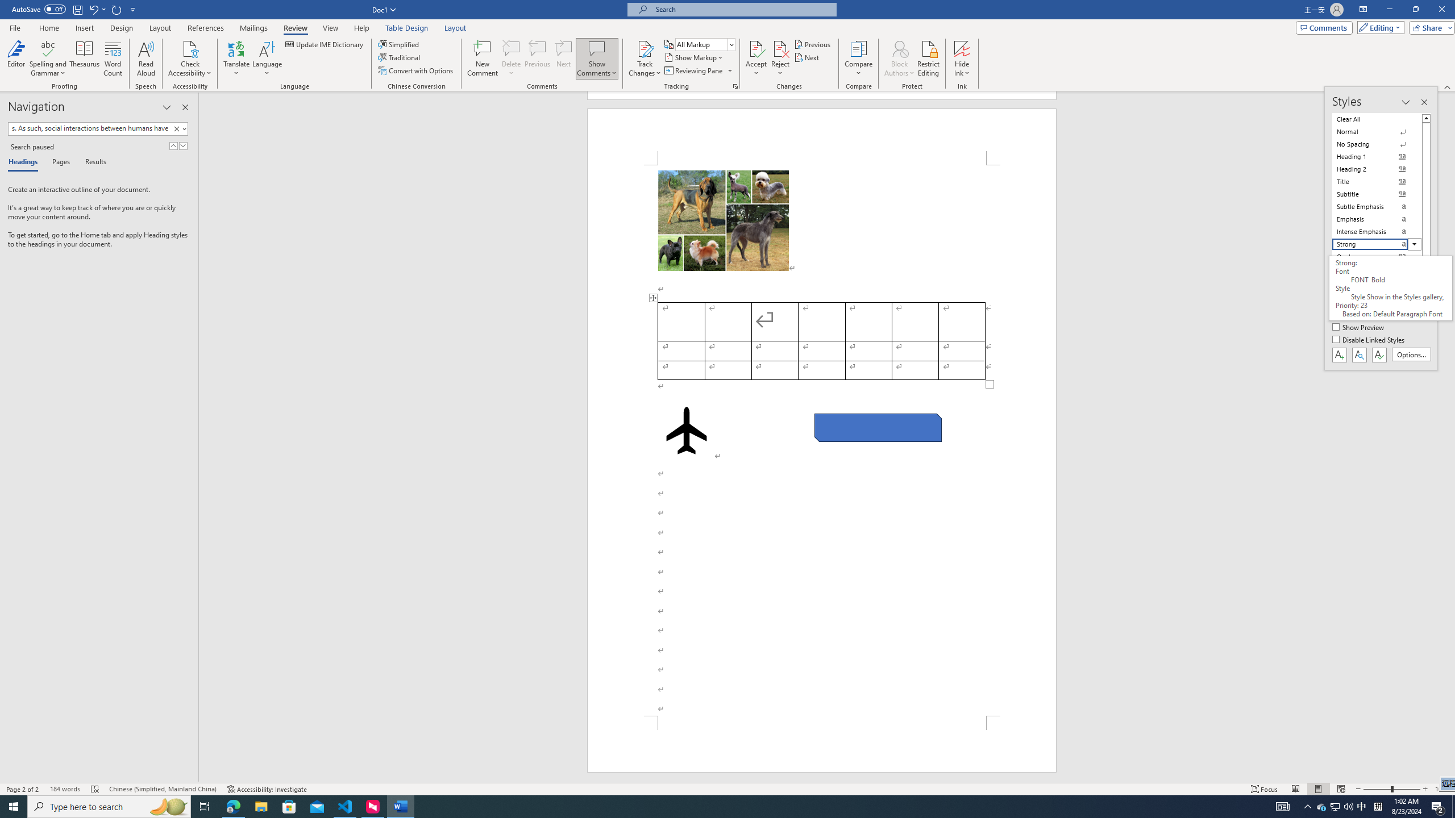  What do you see at coordinates (91, 162) in the screenshot?
I see `'Results'` at bounding box center [91, 162].